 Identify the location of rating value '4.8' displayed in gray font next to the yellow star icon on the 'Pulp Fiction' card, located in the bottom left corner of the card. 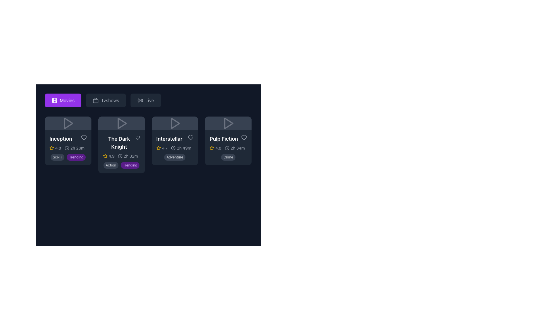
(215, 148).